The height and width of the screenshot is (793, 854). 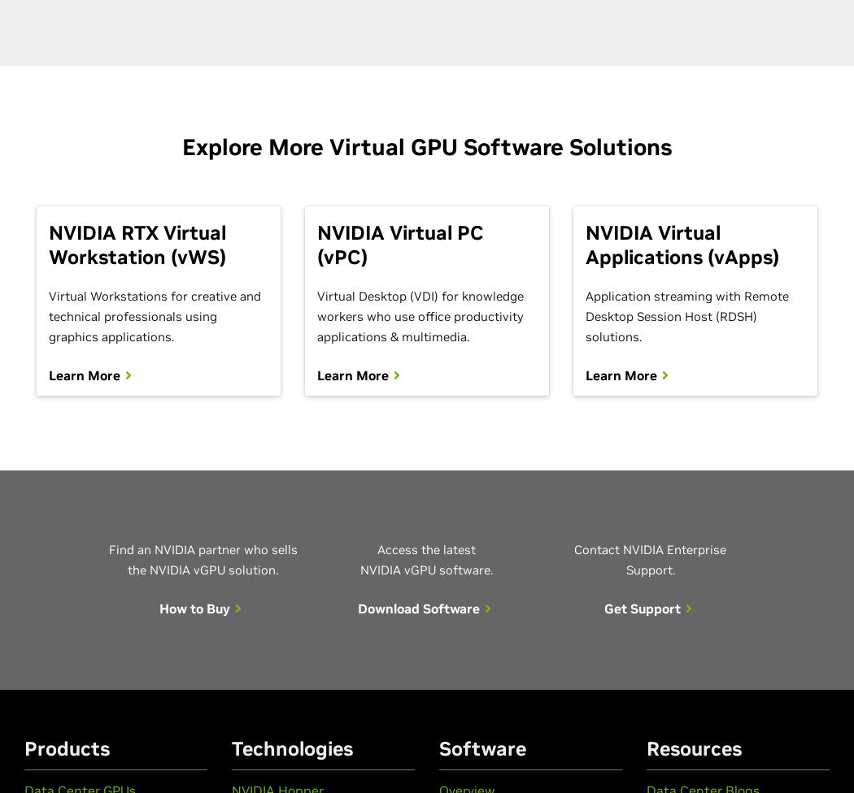 I want to click on 'NVIDIA RTX Virtual Workstation (vWS)', so click(x=137, y=245).